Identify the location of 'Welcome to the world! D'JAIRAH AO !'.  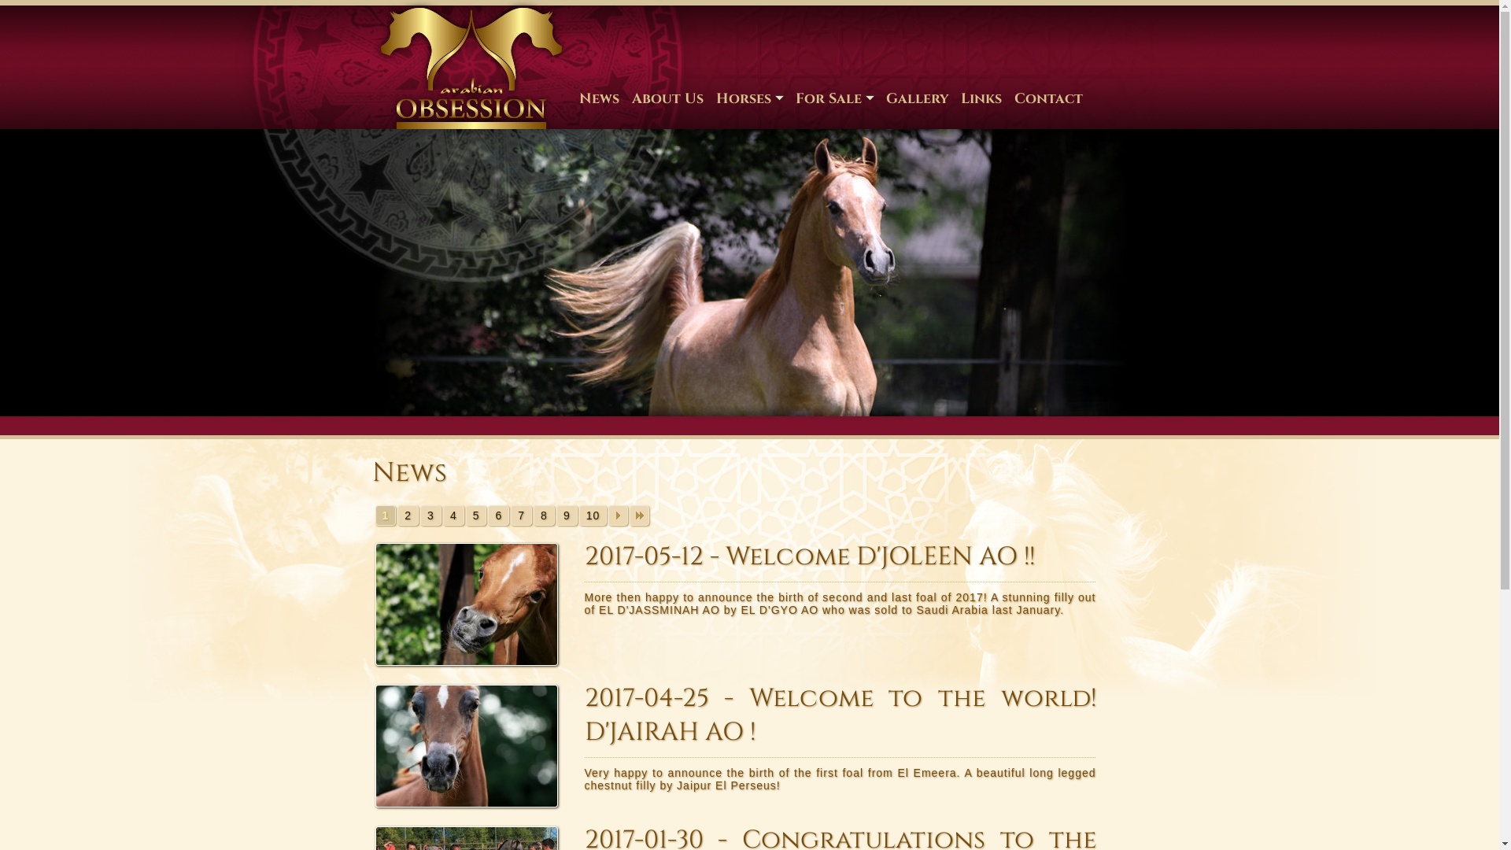
(373, 745).